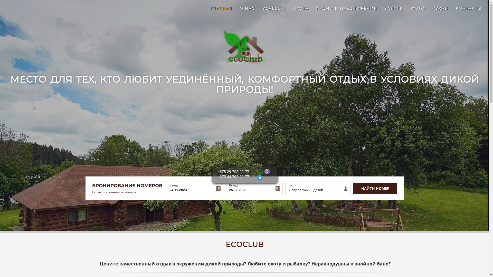 The image size is (493, 277). Describe the element at coordinates (218, 176) in the screenshot. I see `'+375 44 702-22-77'` at that location.